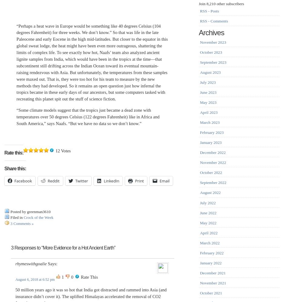 This screenshot has width=283, height=302. Describe the element at coordinates (208, 232) in the screenshot. I see `'April 2022'` at that location.